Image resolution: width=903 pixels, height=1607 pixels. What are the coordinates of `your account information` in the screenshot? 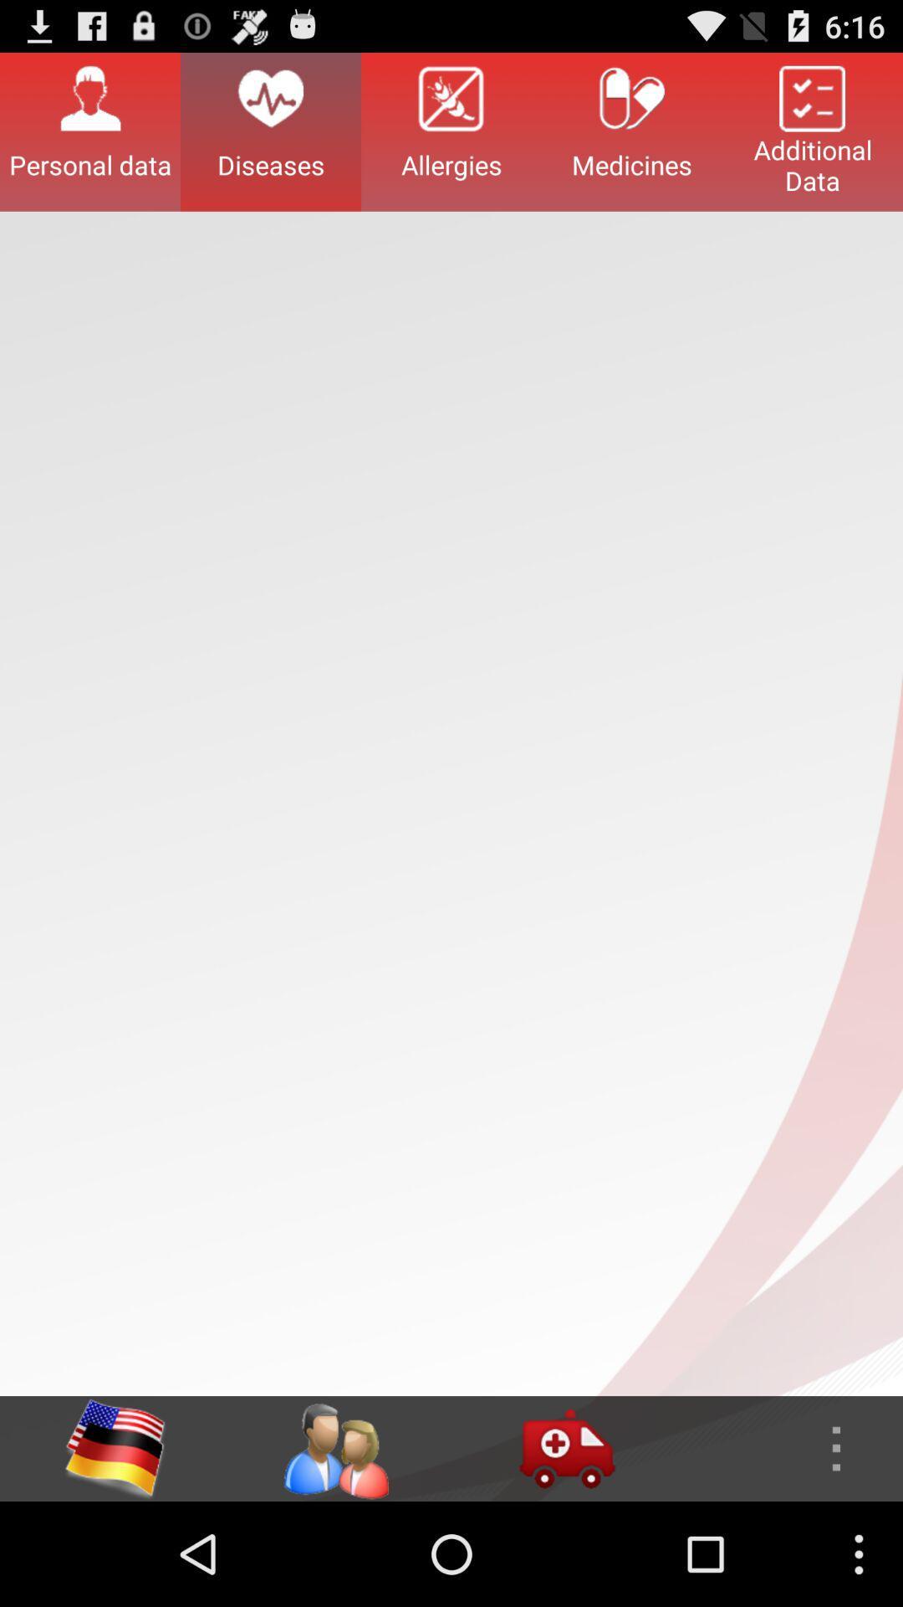 It's located at (335, 1448).